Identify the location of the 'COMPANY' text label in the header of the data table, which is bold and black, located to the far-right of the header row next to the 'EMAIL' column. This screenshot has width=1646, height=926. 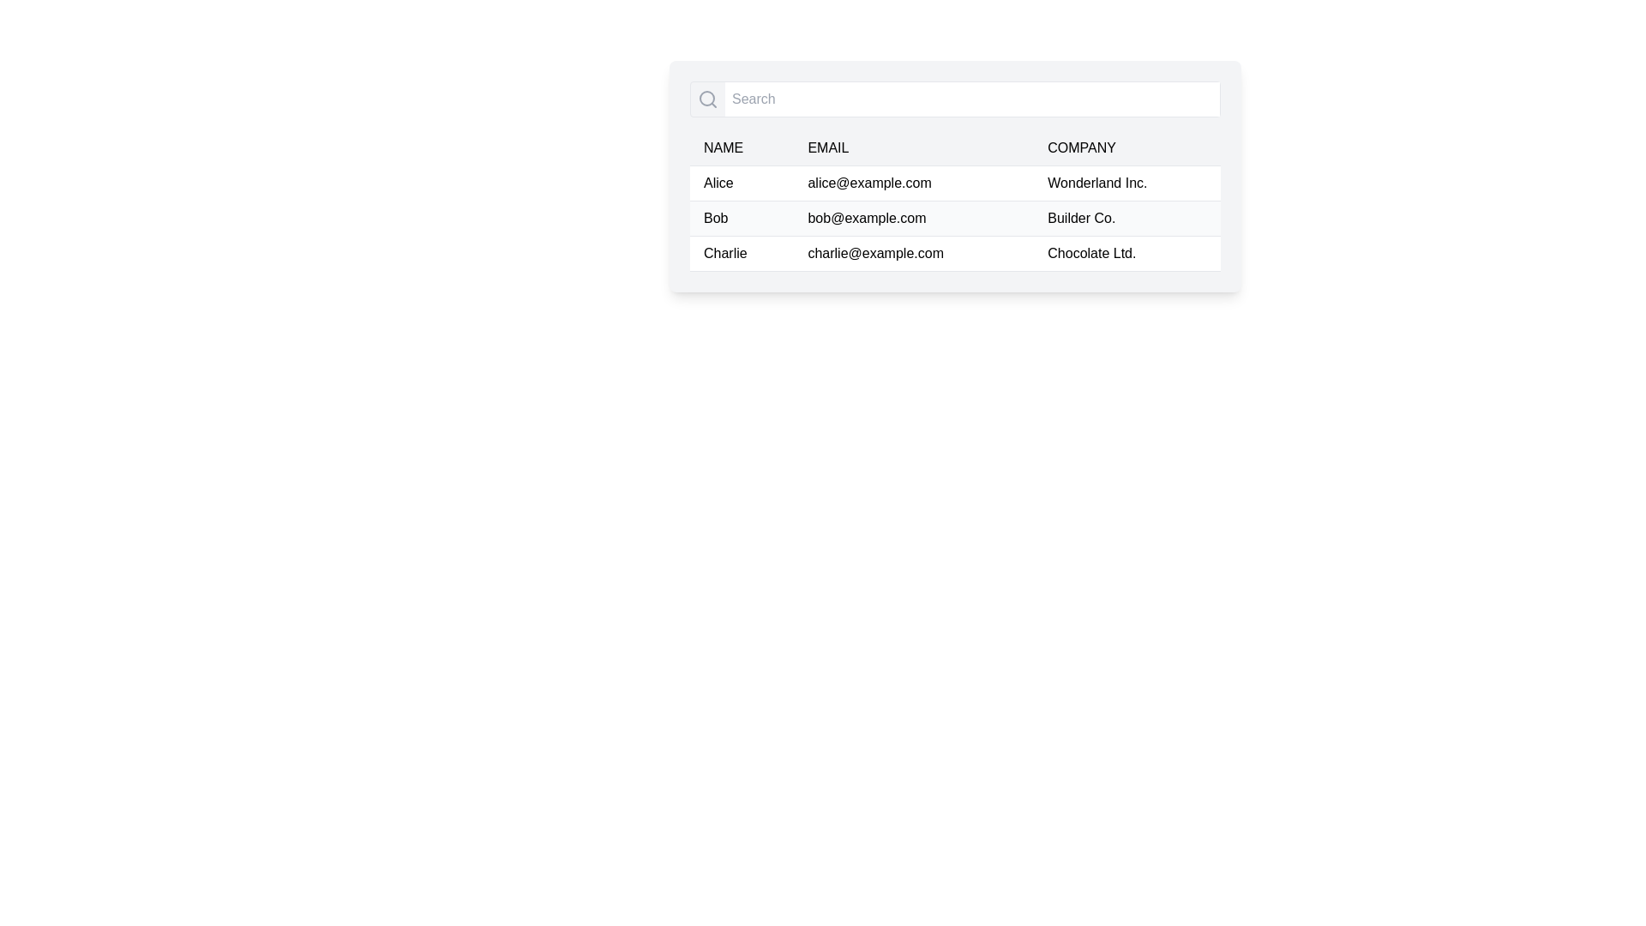
(1081, 147).